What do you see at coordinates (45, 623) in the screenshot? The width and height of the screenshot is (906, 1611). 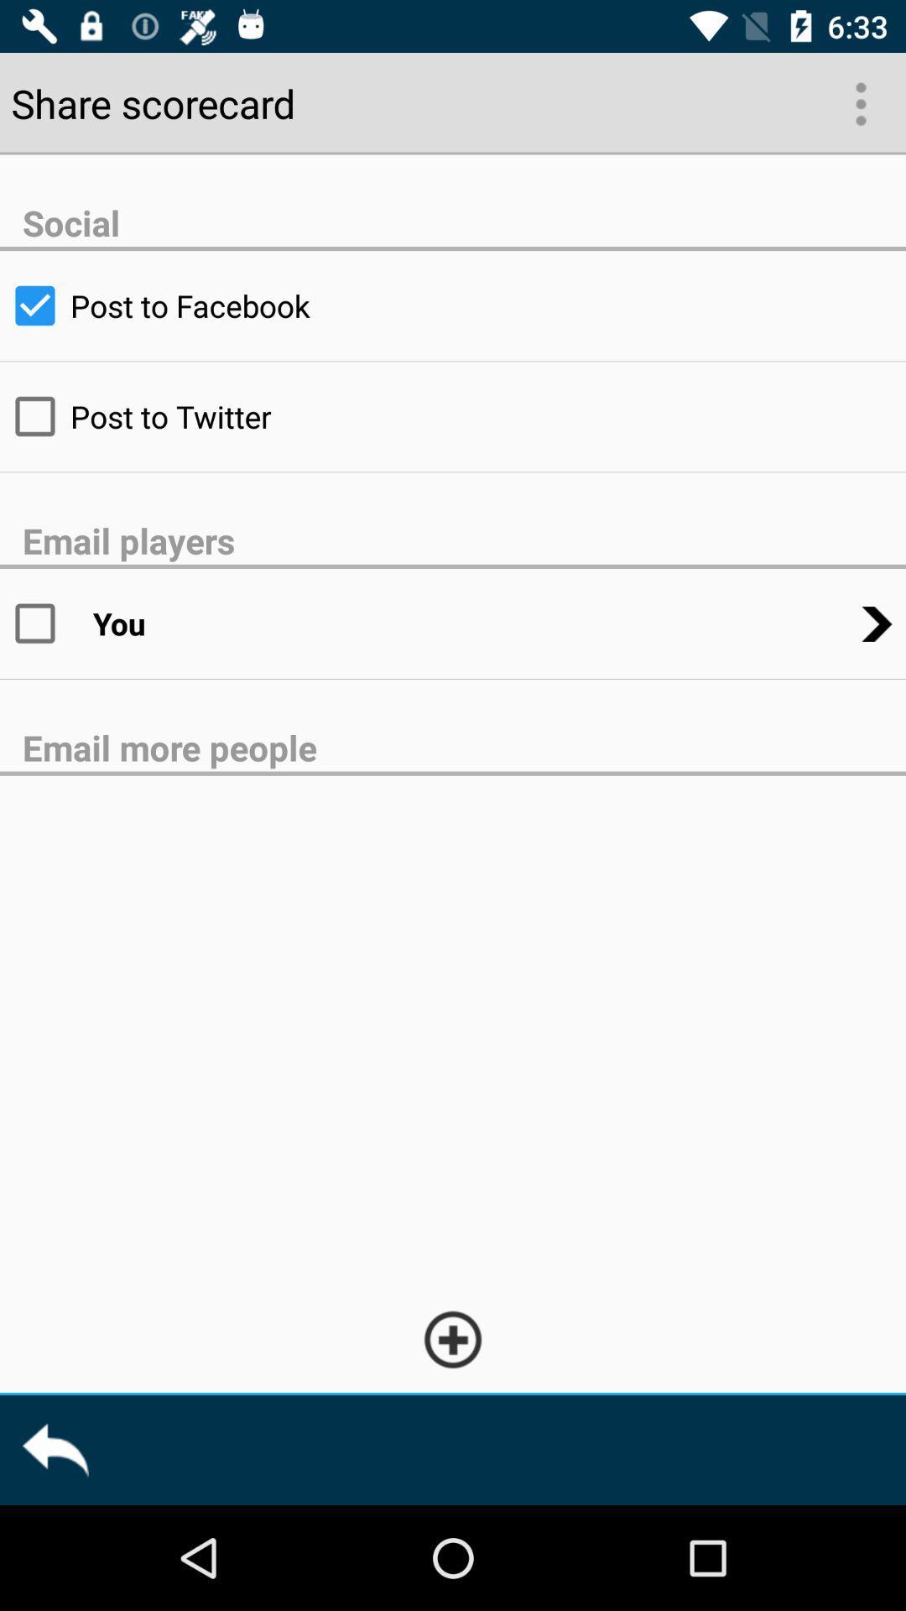 I see `email option` at bounding box center [45, 623].